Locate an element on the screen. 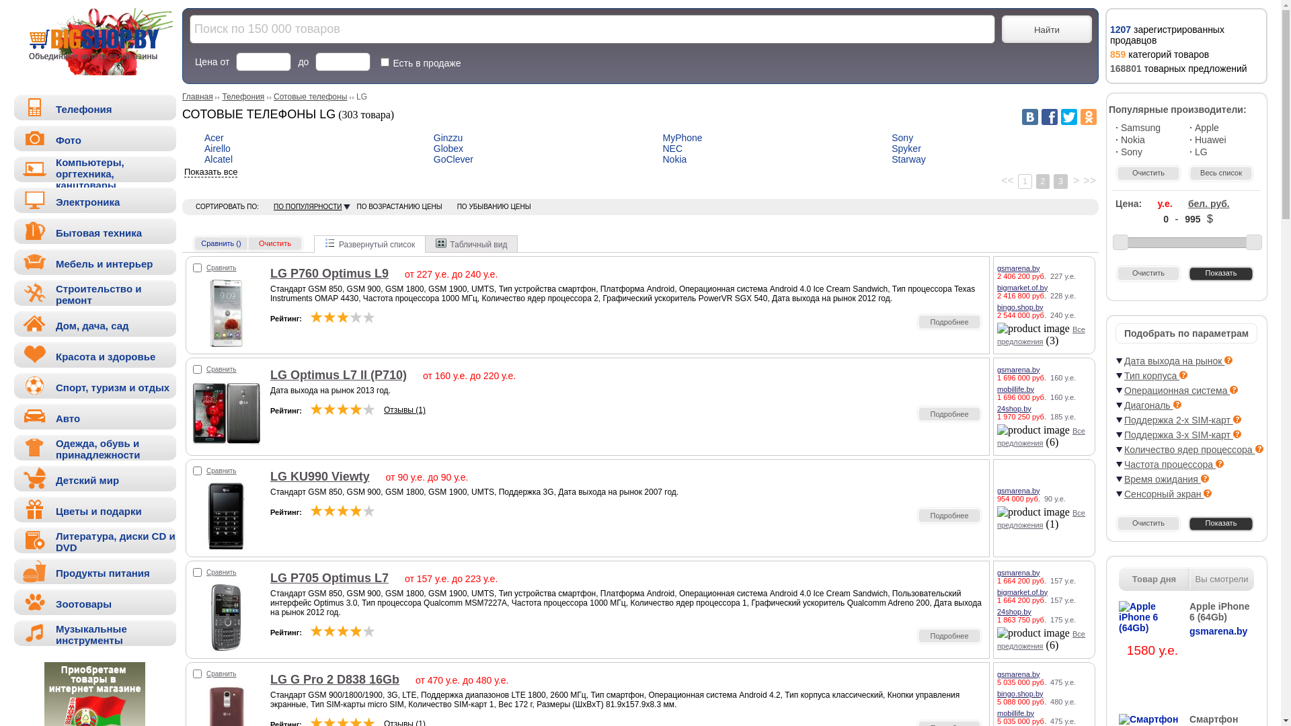  'Alcatel' is located at coordinates (219, 158).